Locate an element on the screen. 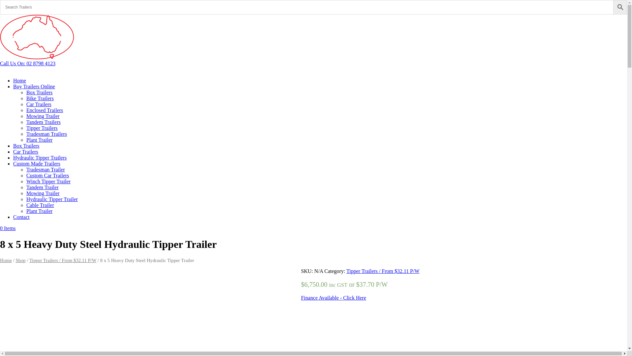  'Hydraulic Tipper Trailers' is located at coordinates (39, 158).